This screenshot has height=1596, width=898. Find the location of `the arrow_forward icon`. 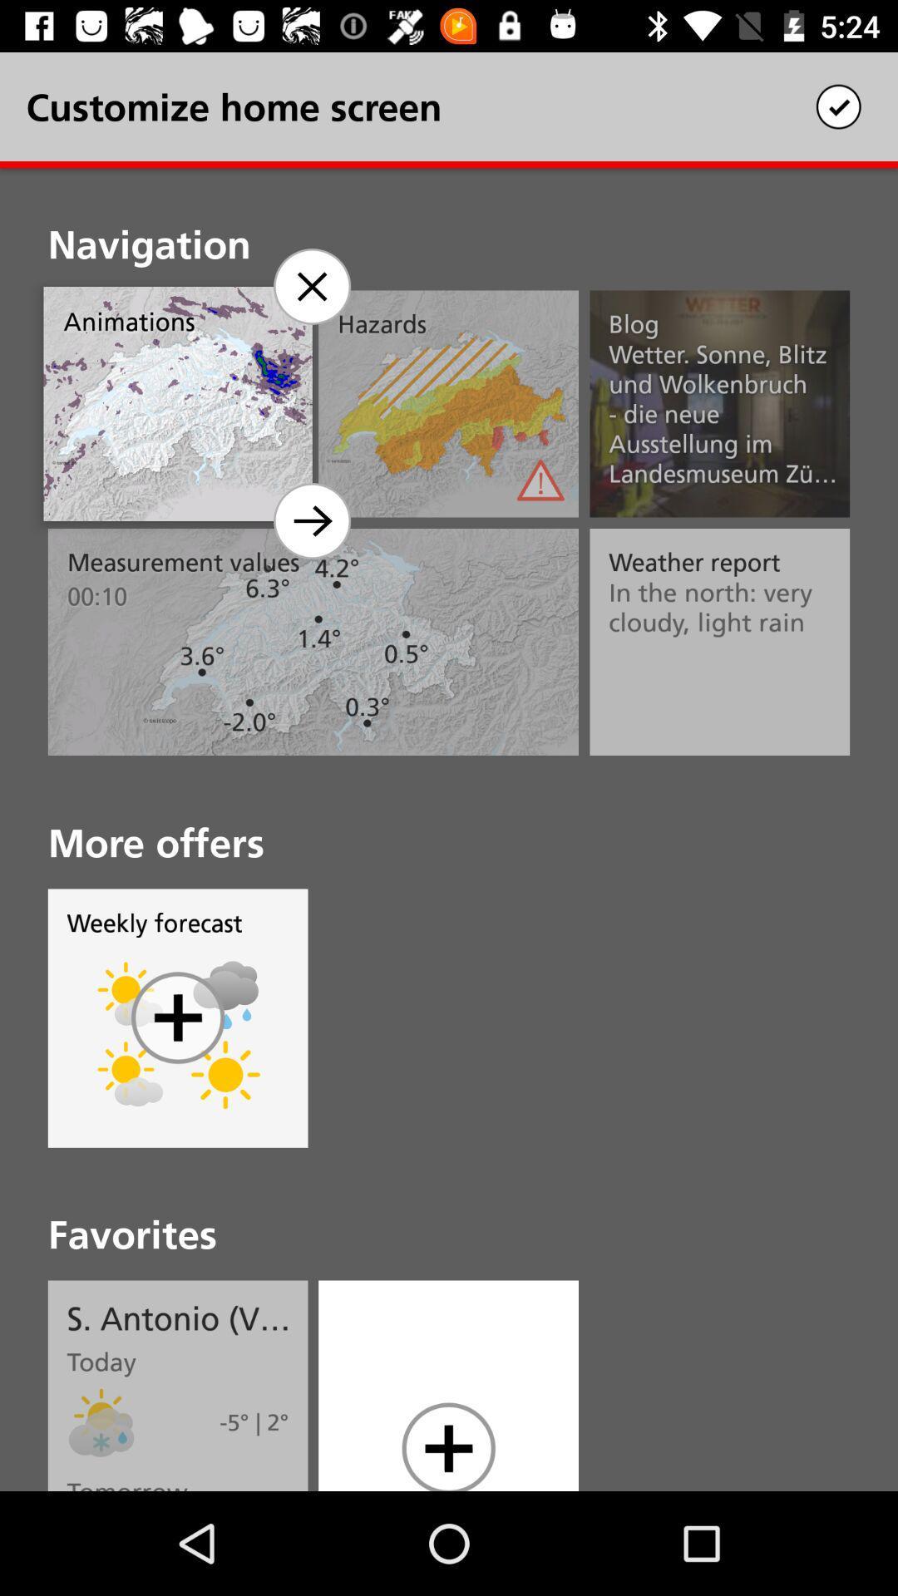

the arrow_forward icon is located at coordinates (311, 520).